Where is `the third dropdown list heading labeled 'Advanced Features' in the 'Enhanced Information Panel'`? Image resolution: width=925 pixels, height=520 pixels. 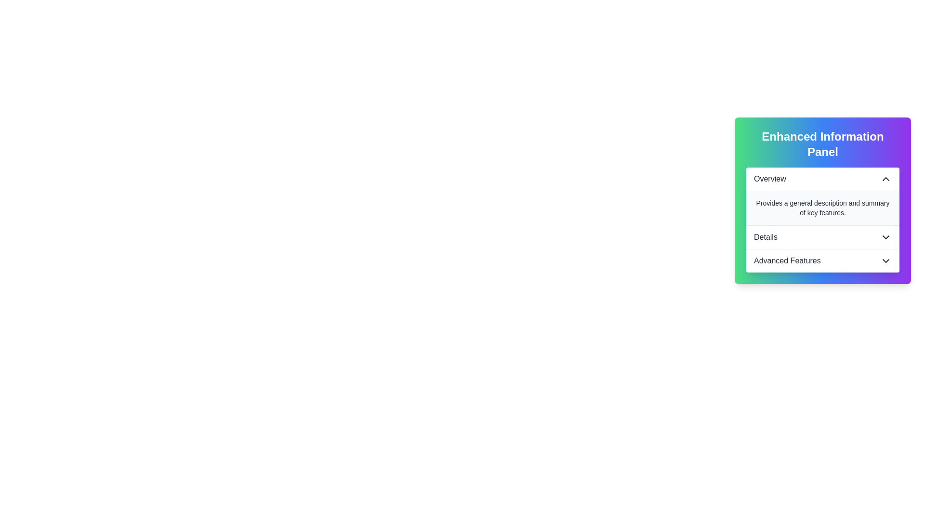
the third dropdown list heading labeled 'Advanced Features' in the 'Enhanced Information Panel' is located at coordinates (822, 260).